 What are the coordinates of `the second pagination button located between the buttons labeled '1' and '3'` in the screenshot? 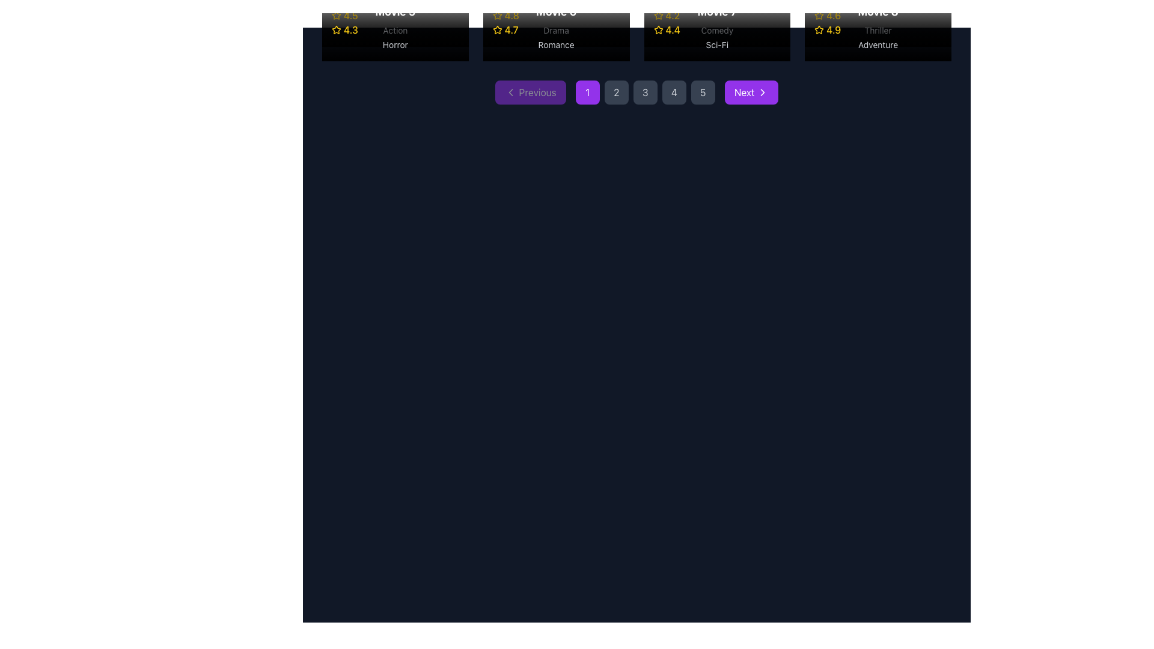 It's located at (616, 92).